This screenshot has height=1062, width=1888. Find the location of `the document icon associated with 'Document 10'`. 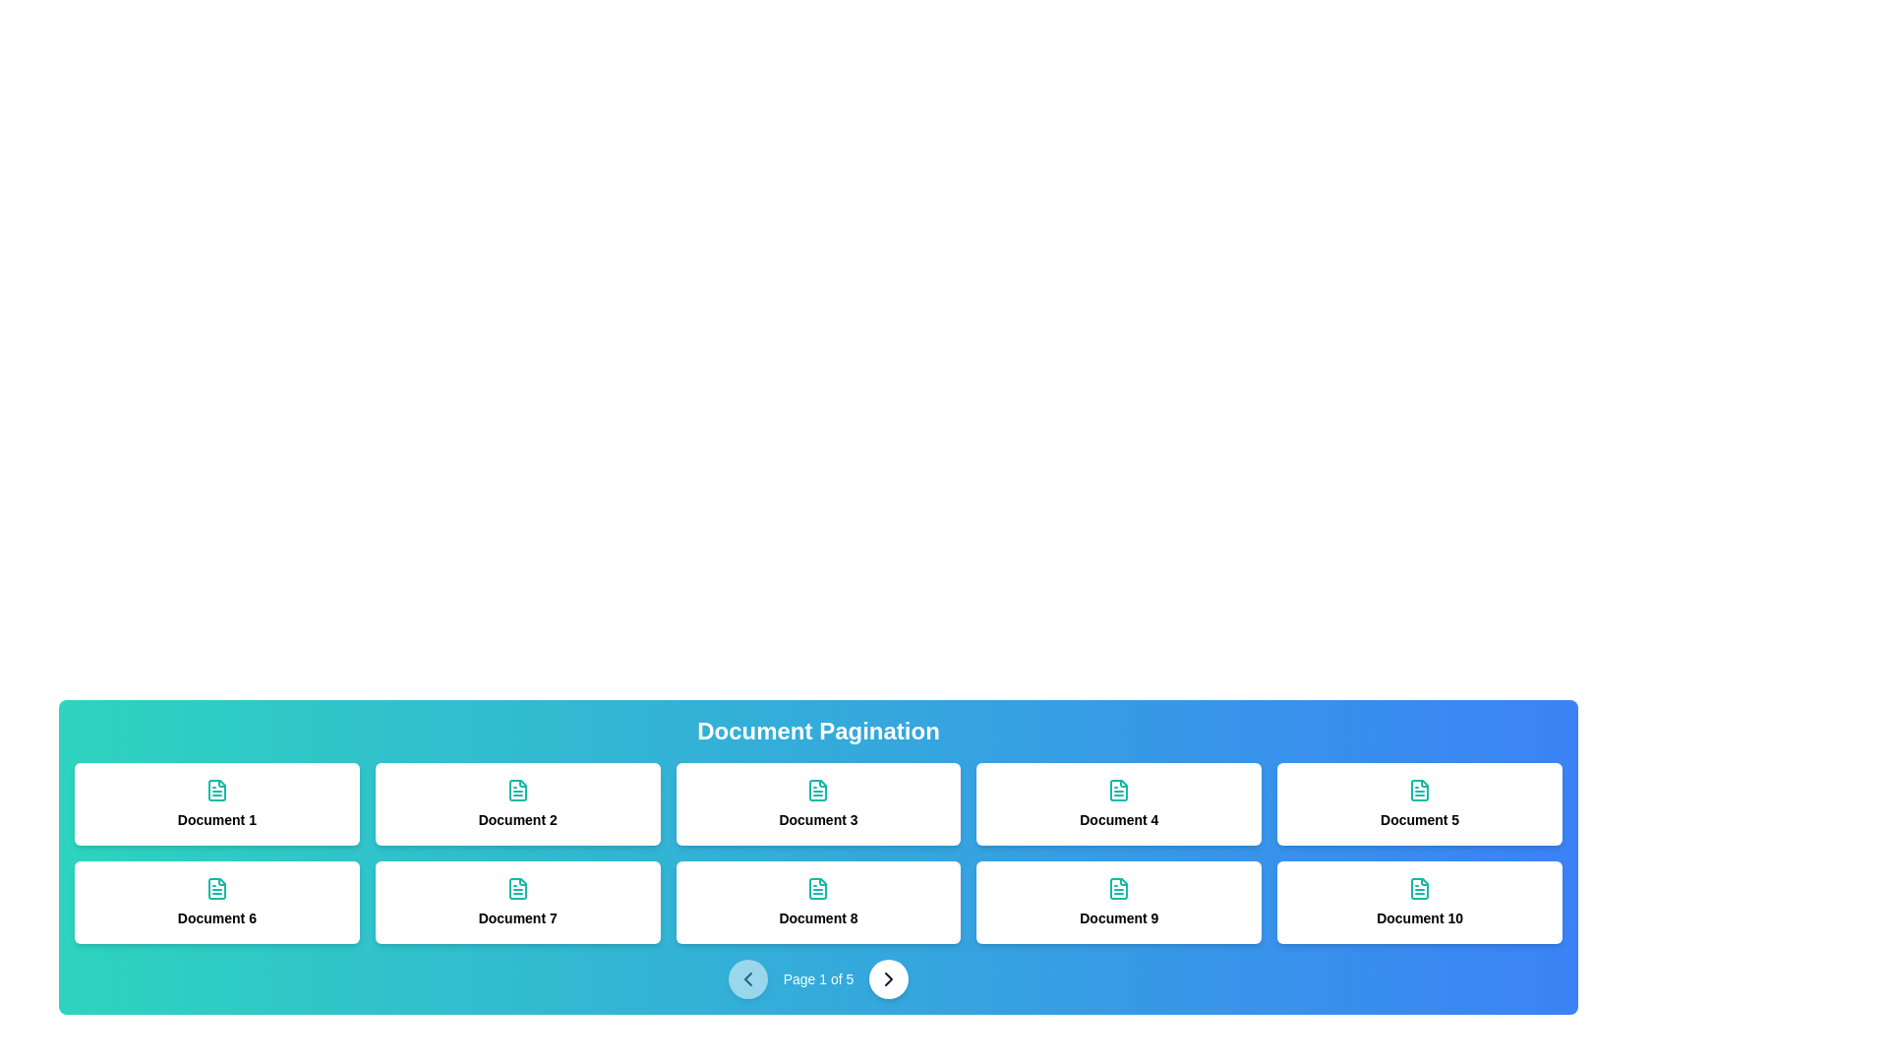

the document icon associated with 'Document 10' is located at coordinates (1420, 888).